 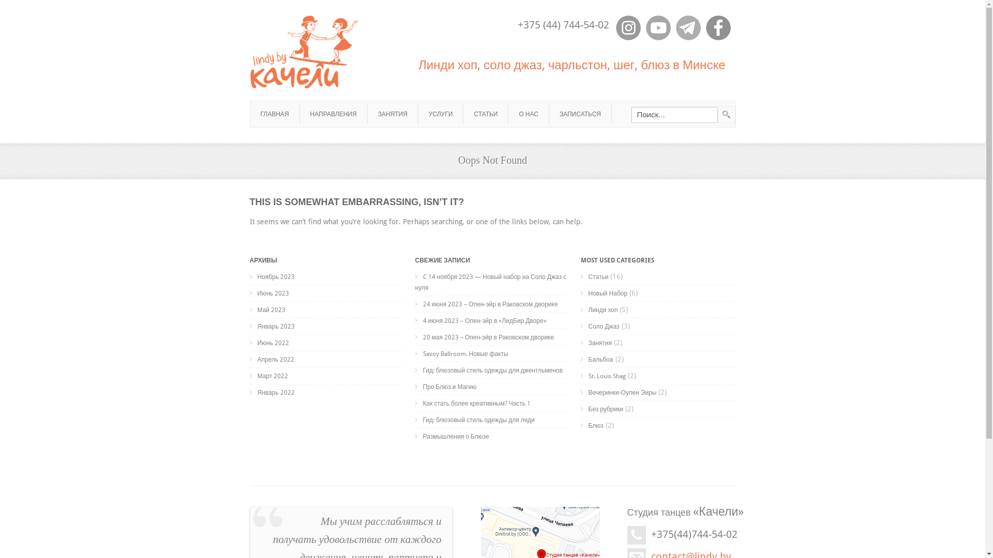 What do you see at coordinates (717, 27) in the screenshot?
I see `'facebook'` at bounding box center [717, 27].